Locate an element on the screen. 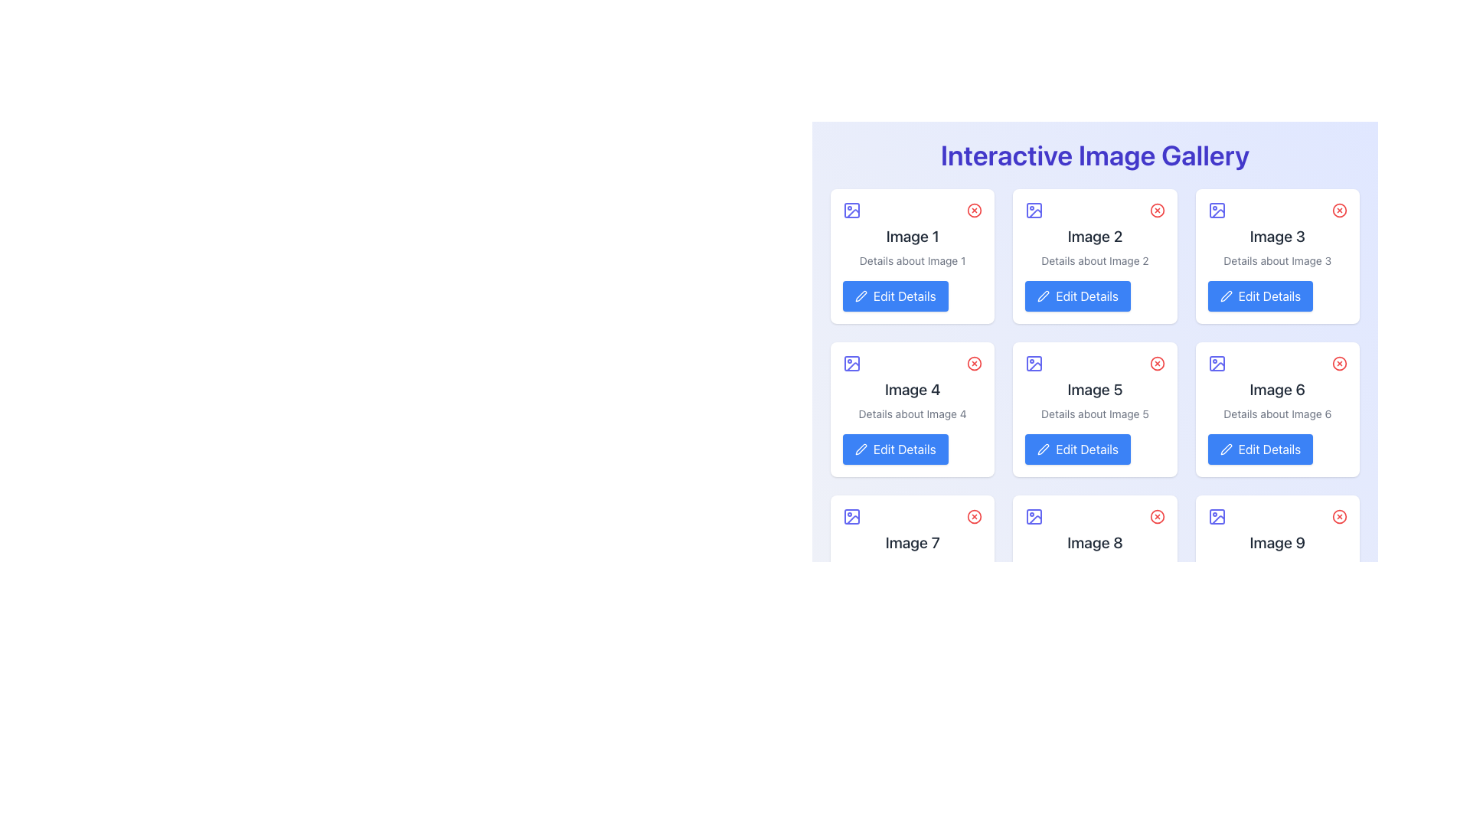  the 'Edit Details' button on the 'Image 6' card in the gallery is located at coordinates (1277, 409).